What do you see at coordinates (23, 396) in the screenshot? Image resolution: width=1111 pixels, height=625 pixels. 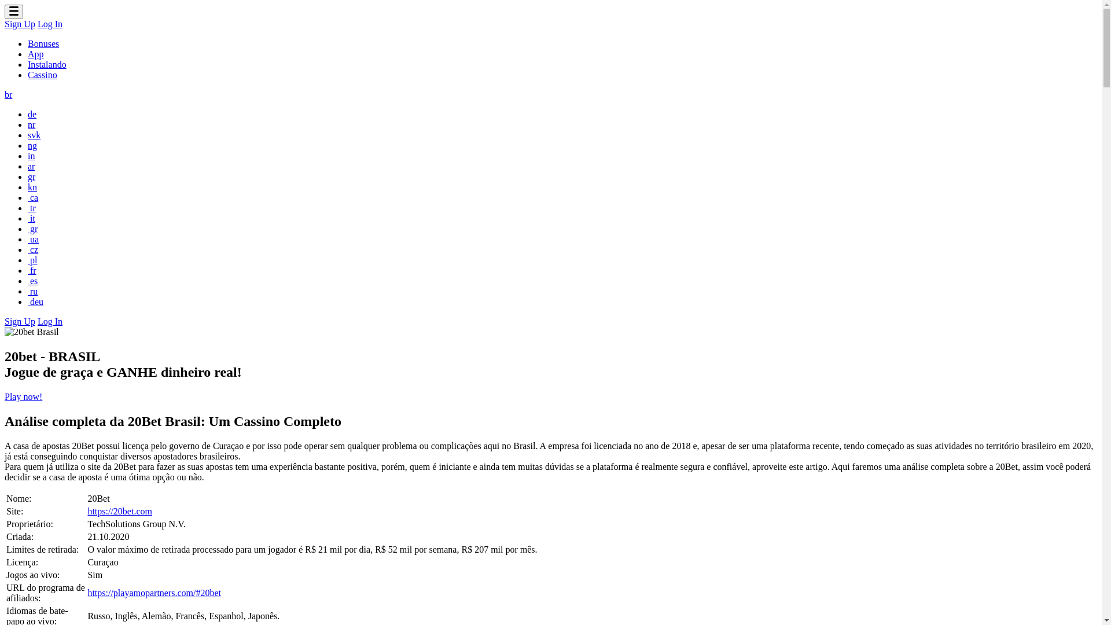 I see `'Play now!'` at bounding box center [23, 396].